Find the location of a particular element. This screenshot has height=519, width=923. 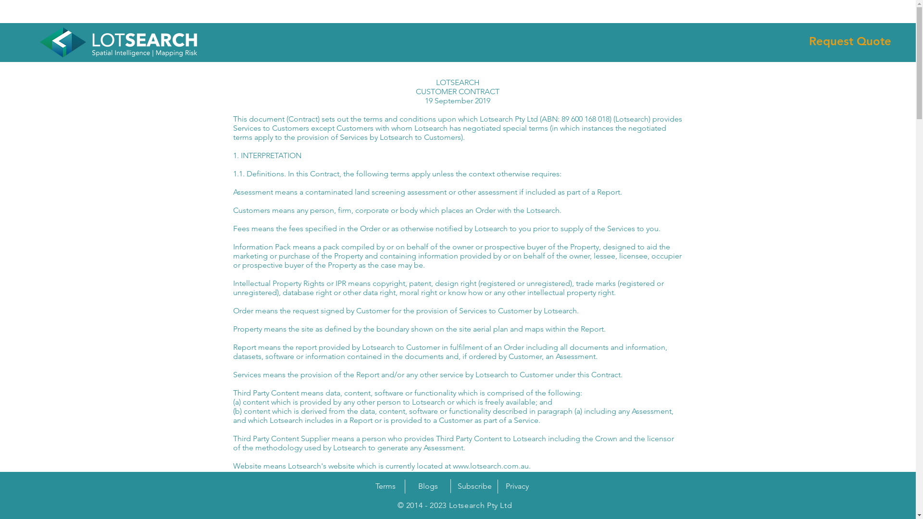

'Subscribe' is located at coordinates (474, 486).